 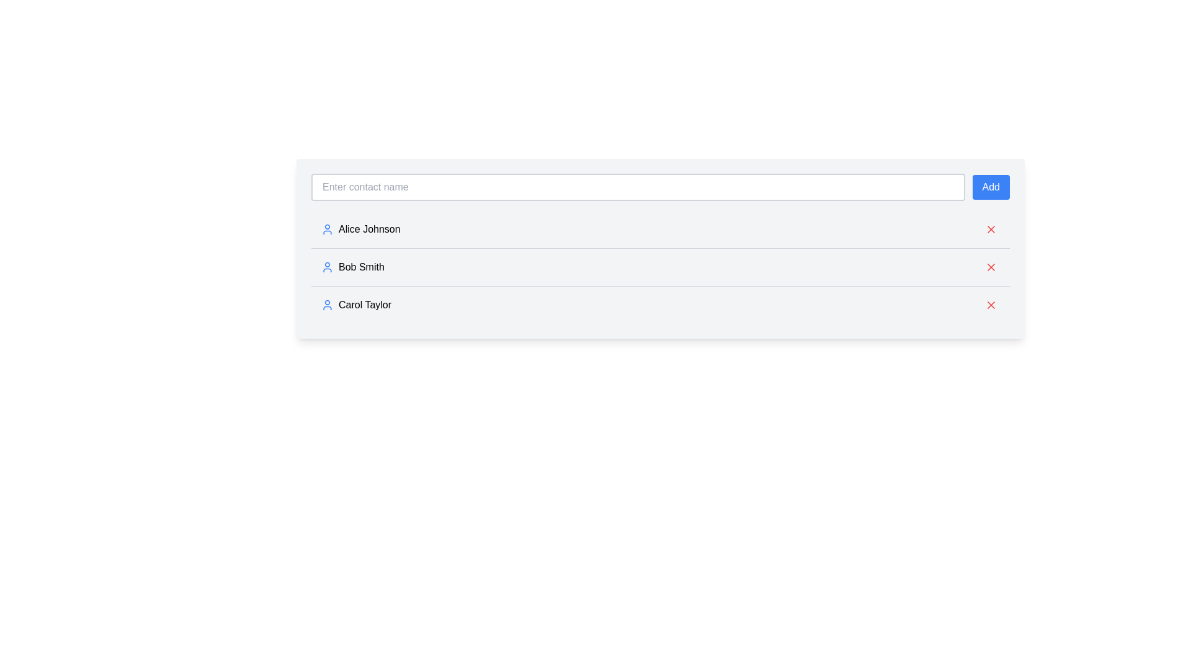 I want to click on keyboard navigation, so click(x=991, y=267).